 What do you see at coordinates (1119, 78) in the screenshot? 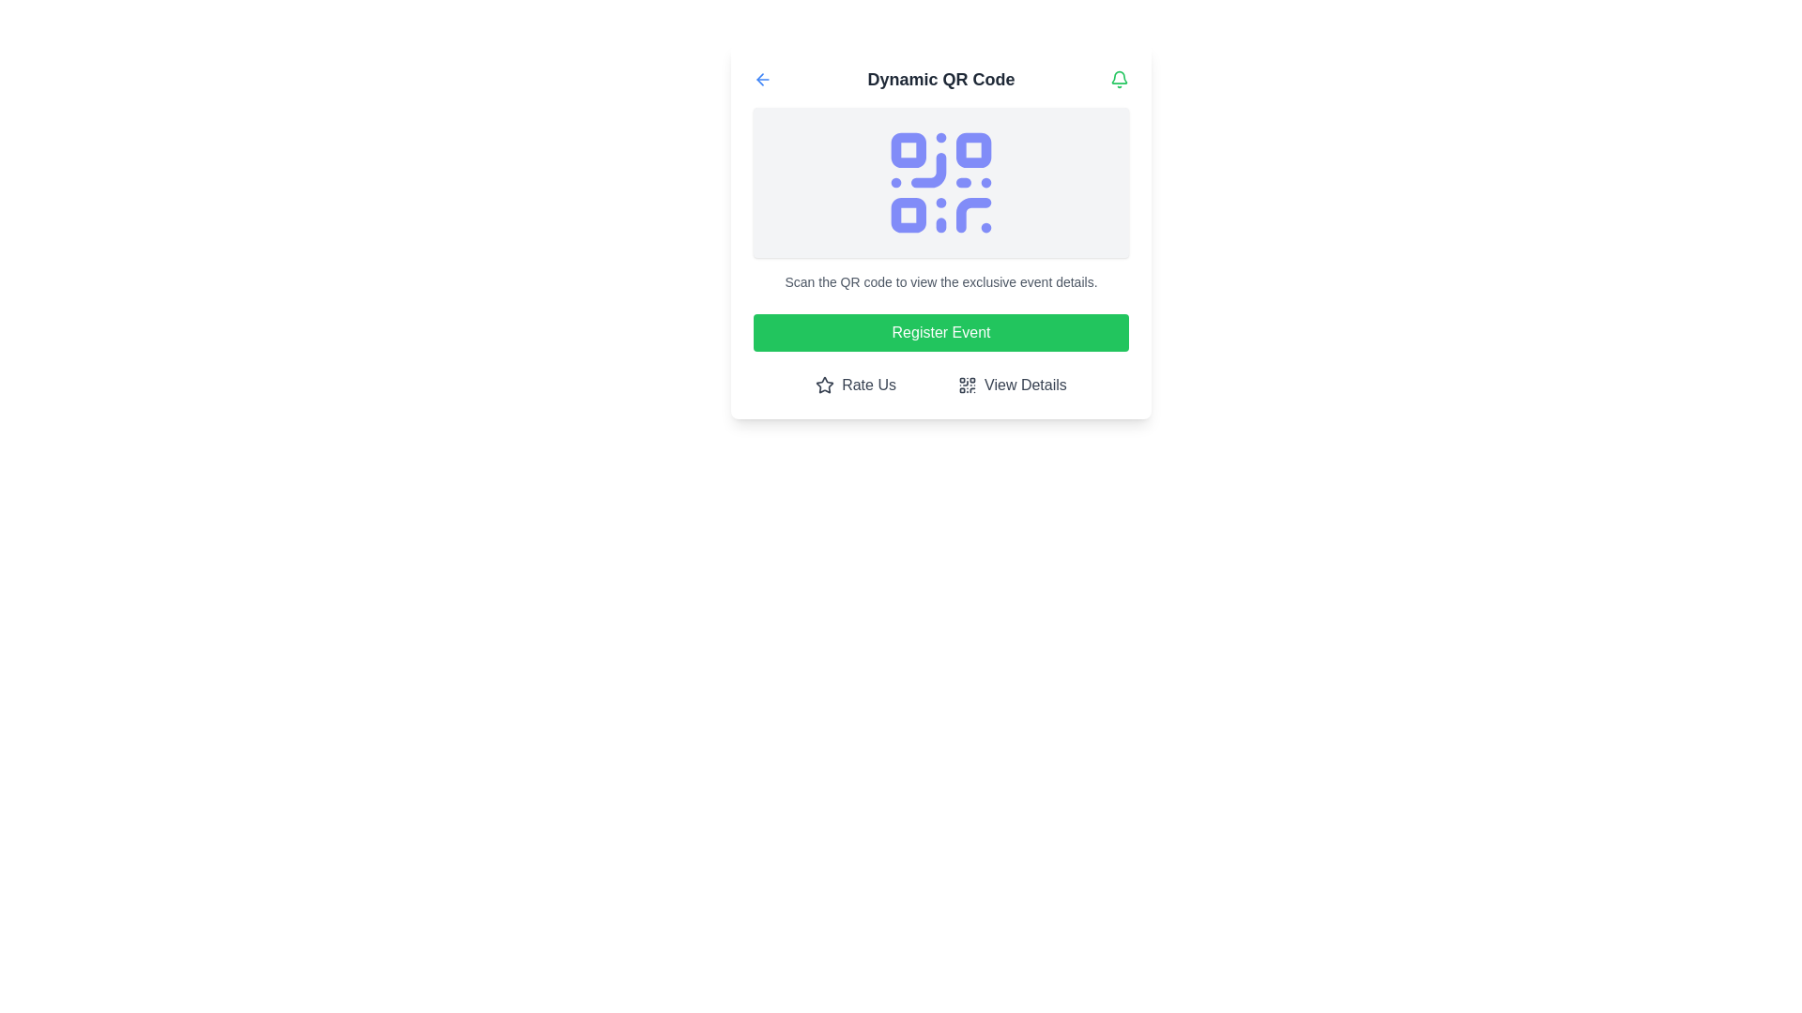
I see `the green bell icon located at the top-right corner of the interface` at bounding box center [1119, 78].